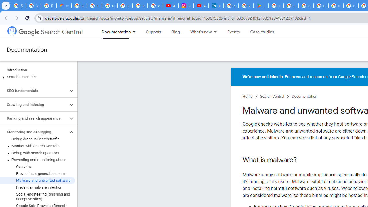  What do you see at coordinates (113, 32) in the screenshot?
I see `'Documentation, selected'` at bounding box center [113, 32].